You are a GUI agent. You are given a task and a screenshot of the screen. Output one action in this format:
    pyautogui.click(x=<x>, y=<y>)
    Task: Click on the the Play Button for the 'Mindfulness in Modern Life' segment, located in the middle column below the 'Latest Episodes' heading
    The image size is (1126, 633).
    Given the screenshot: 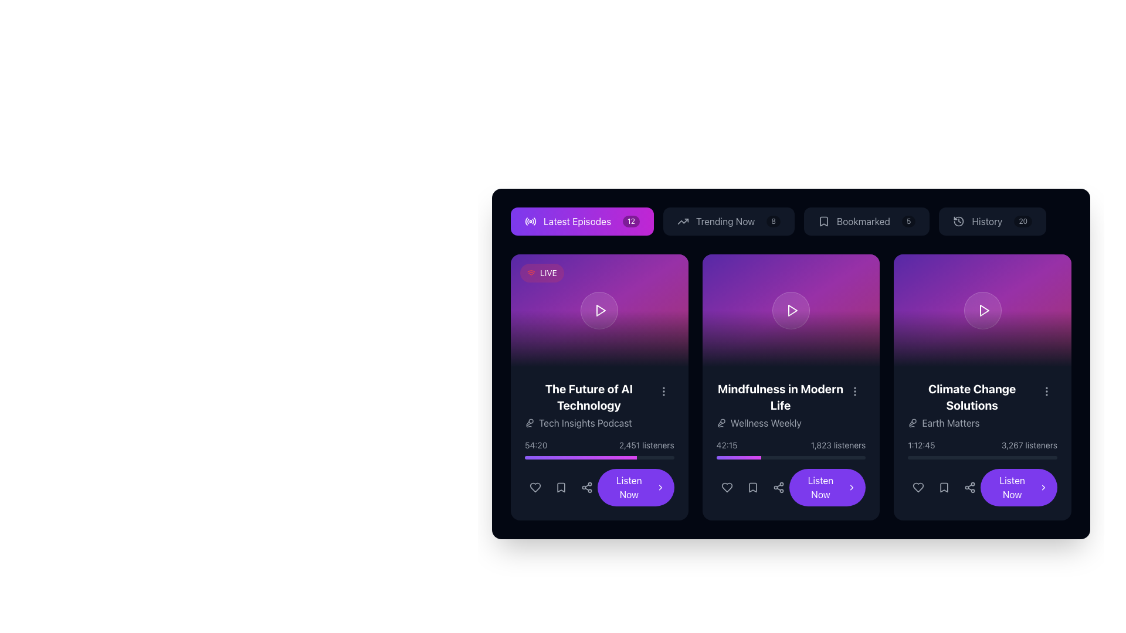 What is the action you would take?
    pyautogui.click(x=791, y=309)
    